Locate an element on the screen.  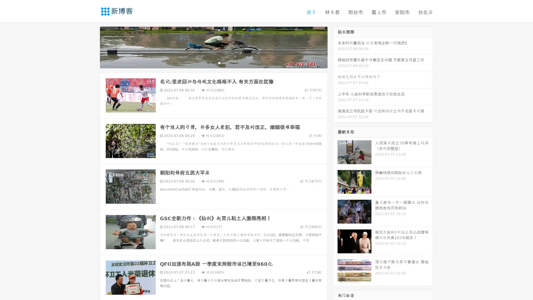
Go to slide 2 is located at coordinates (213, 62).